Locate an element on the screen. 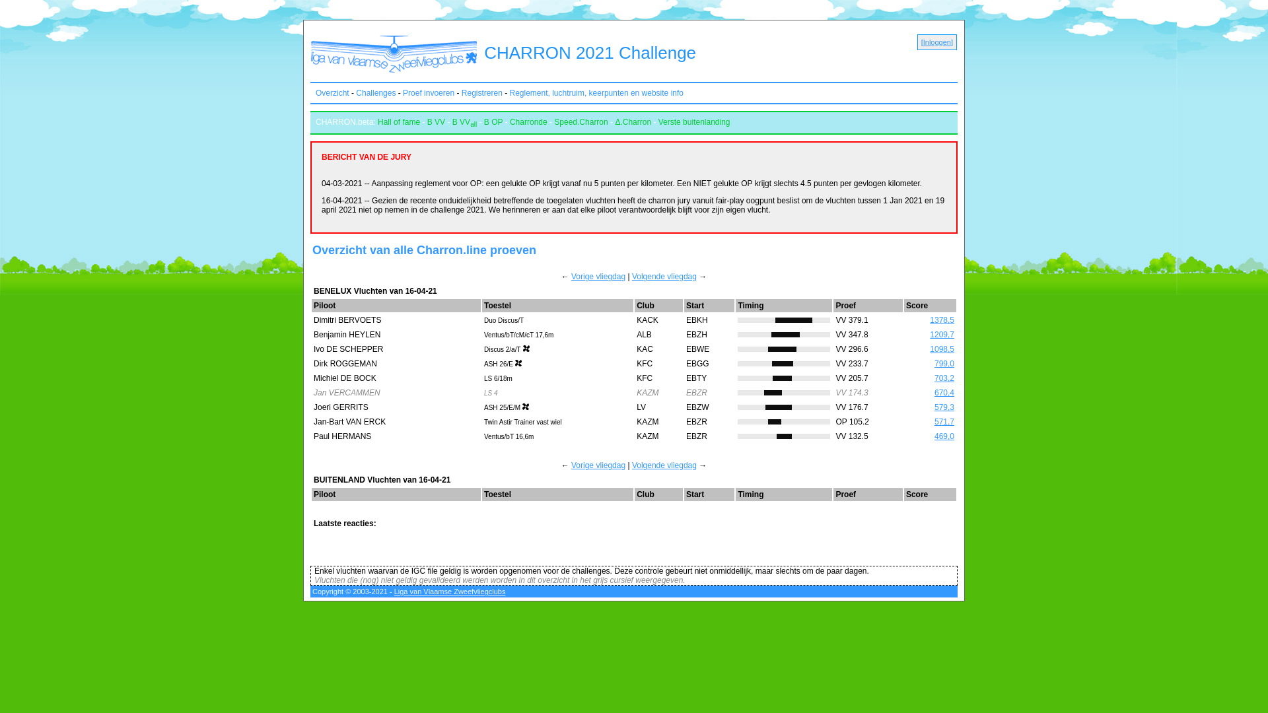 The height and width of the screenshot is (713, 1268). '799,0' is located at coordinates (934, 364).